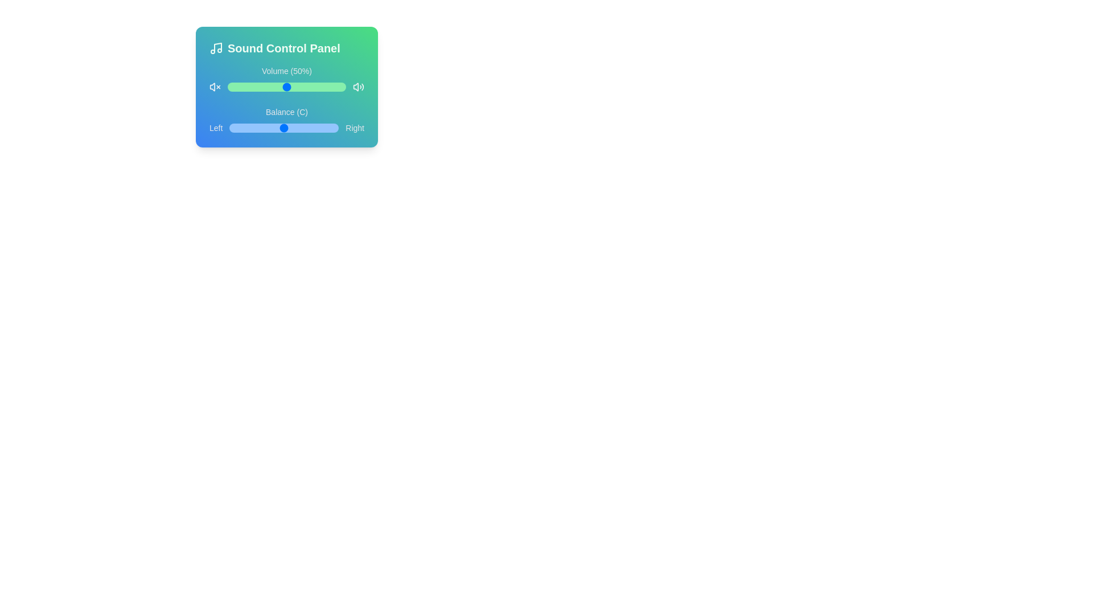  Describe the element at coordinates (275, 87) in the screenshot. I see `the volume slider` at that location.